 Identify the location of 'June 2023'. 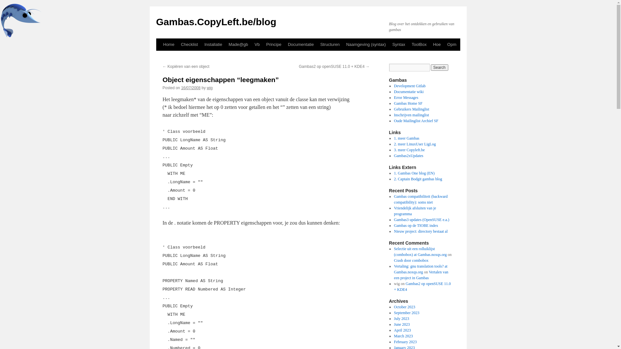
(401, 324).